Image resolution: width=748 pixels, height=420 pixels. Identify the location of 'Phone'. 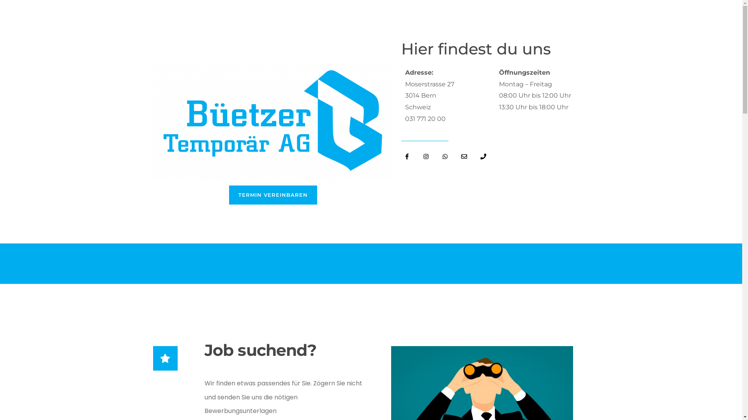
(483, 156).